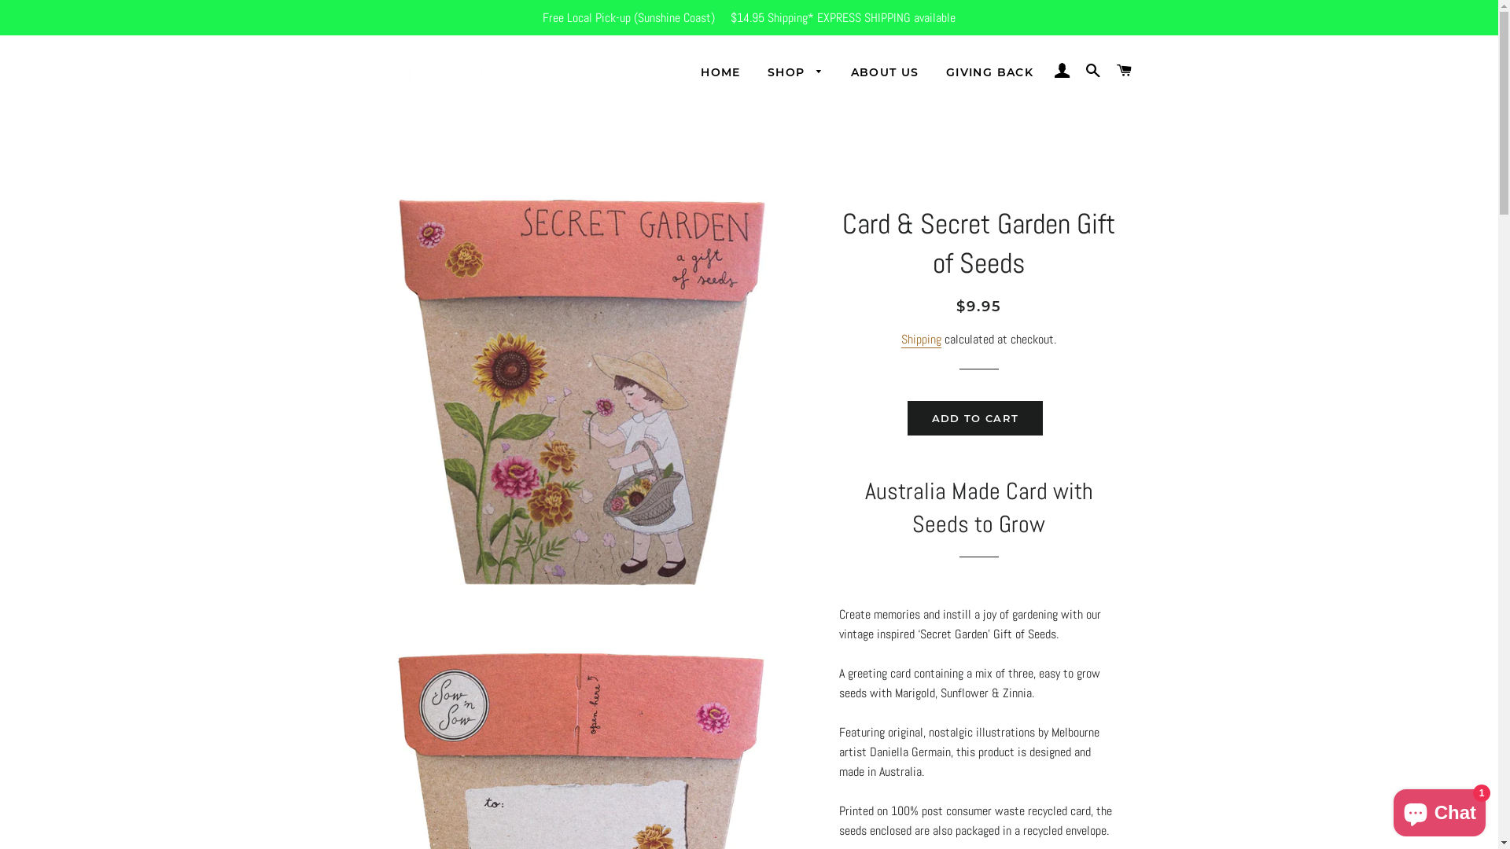 This screenshot has height=849, width=1510. Describe the element at coordinates (720, 72) in the screenshot. I see `'HOME'` at that location.